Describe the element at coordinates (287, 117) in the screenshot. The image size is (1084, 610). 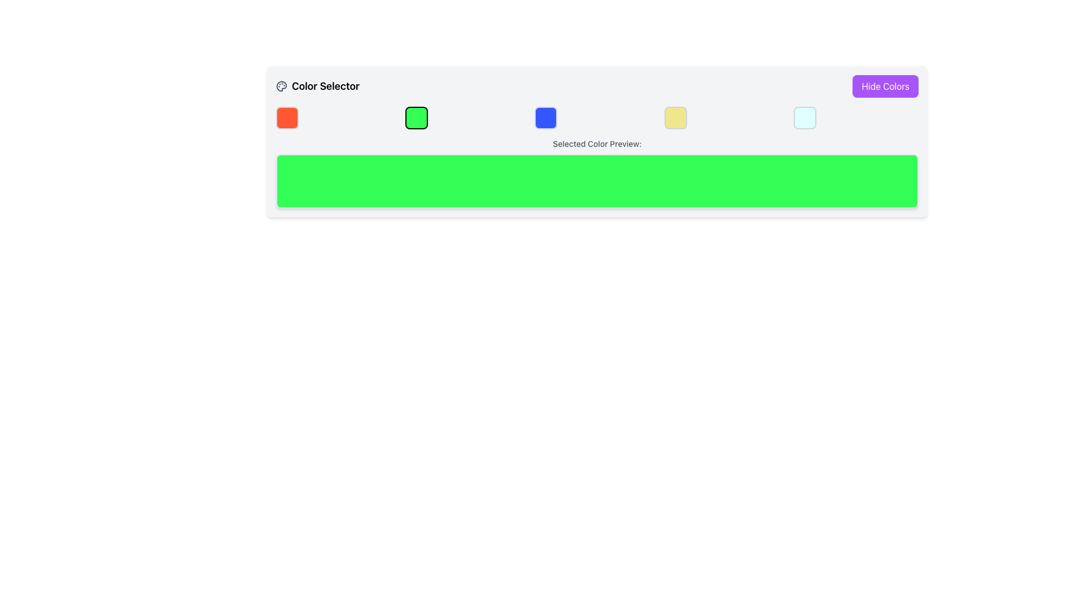
I see `the first square button in the grid, which has a bright red background, rounded corners, and a gray border` at that location.